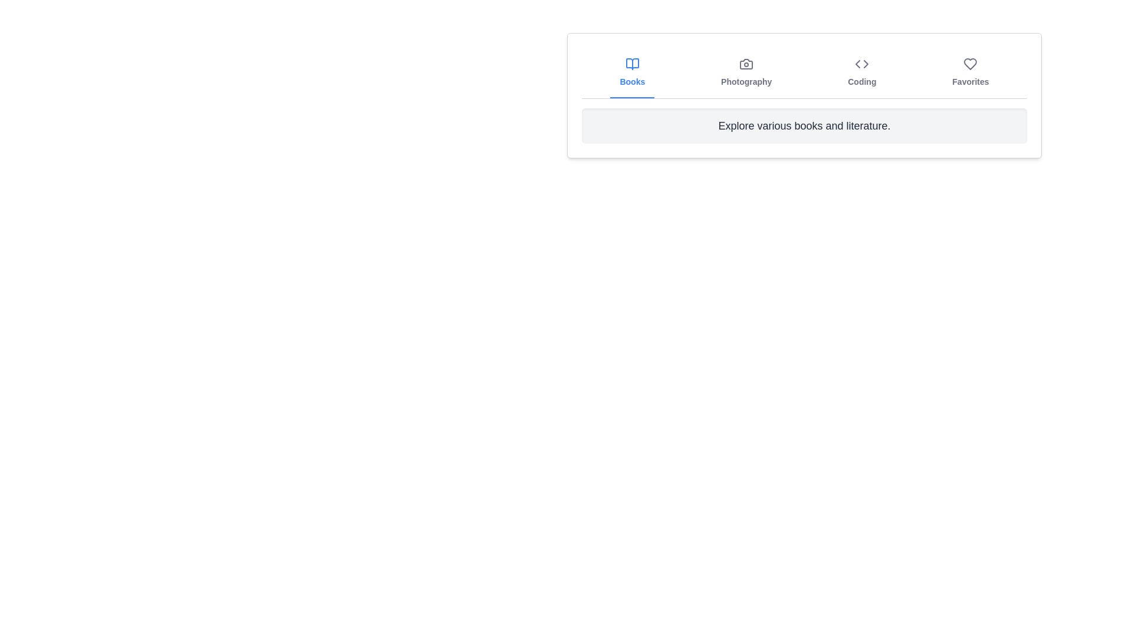  Describe the element at coordinates (746, 81) in the screenshot. I see `the 'Photography' text label, which is the second option in a horizontal layout of categories, associated with a camera icon` at that location.